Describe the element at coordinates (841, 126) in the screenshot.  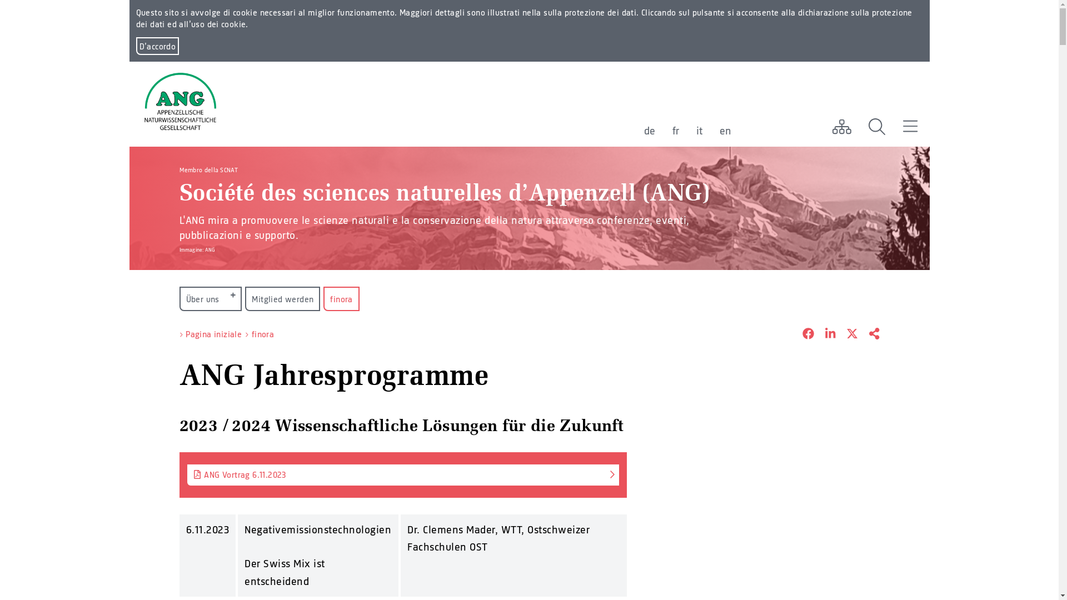
I see `'Rete'` at that location.